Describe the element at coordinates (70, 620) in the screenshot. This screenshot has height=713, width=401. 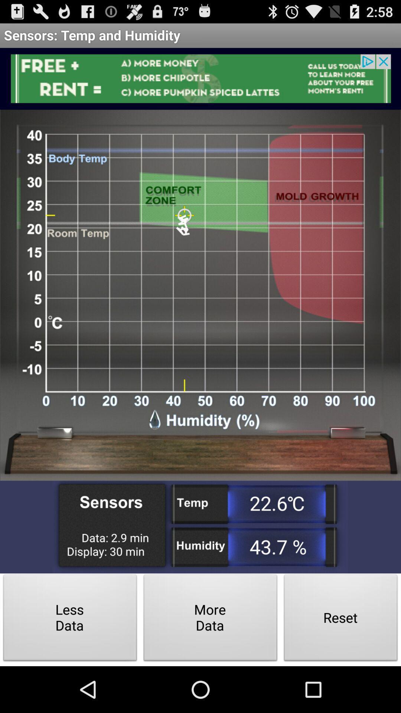
I see `icon next to more` at that location.